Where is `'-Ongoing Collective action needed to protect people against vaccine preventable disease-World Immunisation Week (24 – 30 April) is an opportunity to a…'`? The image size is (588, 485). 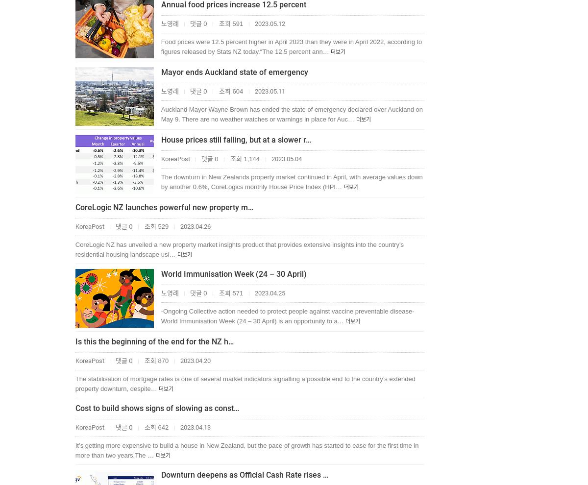
'-Ongoing Collective action needed to protect people against vaccine preventable disease-World Immunisation Week (24 – 30 April) is an opportunity to a…' is located at coordinates (287, 316).